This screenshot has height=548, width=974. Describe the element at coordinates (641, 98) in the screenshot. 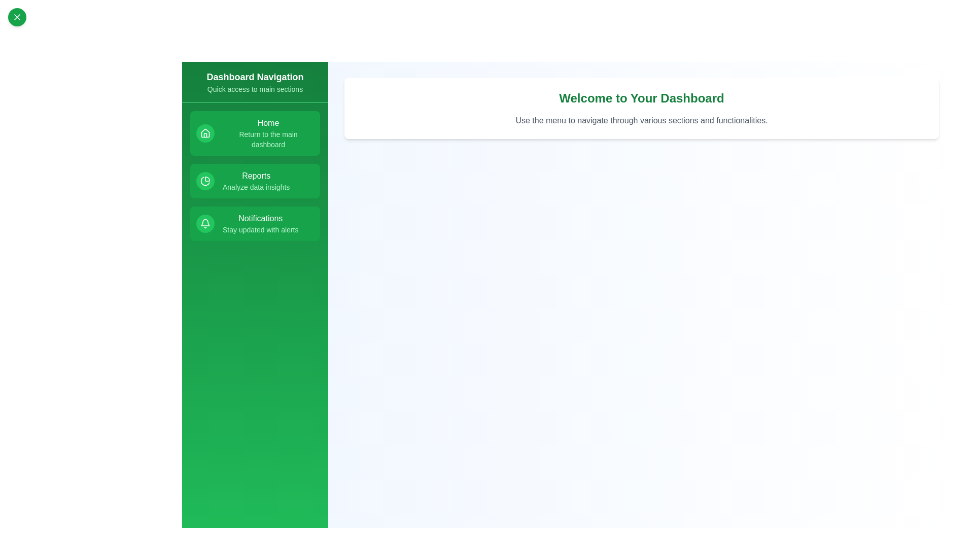

I see `the welcome message text element to read its content` at that location.